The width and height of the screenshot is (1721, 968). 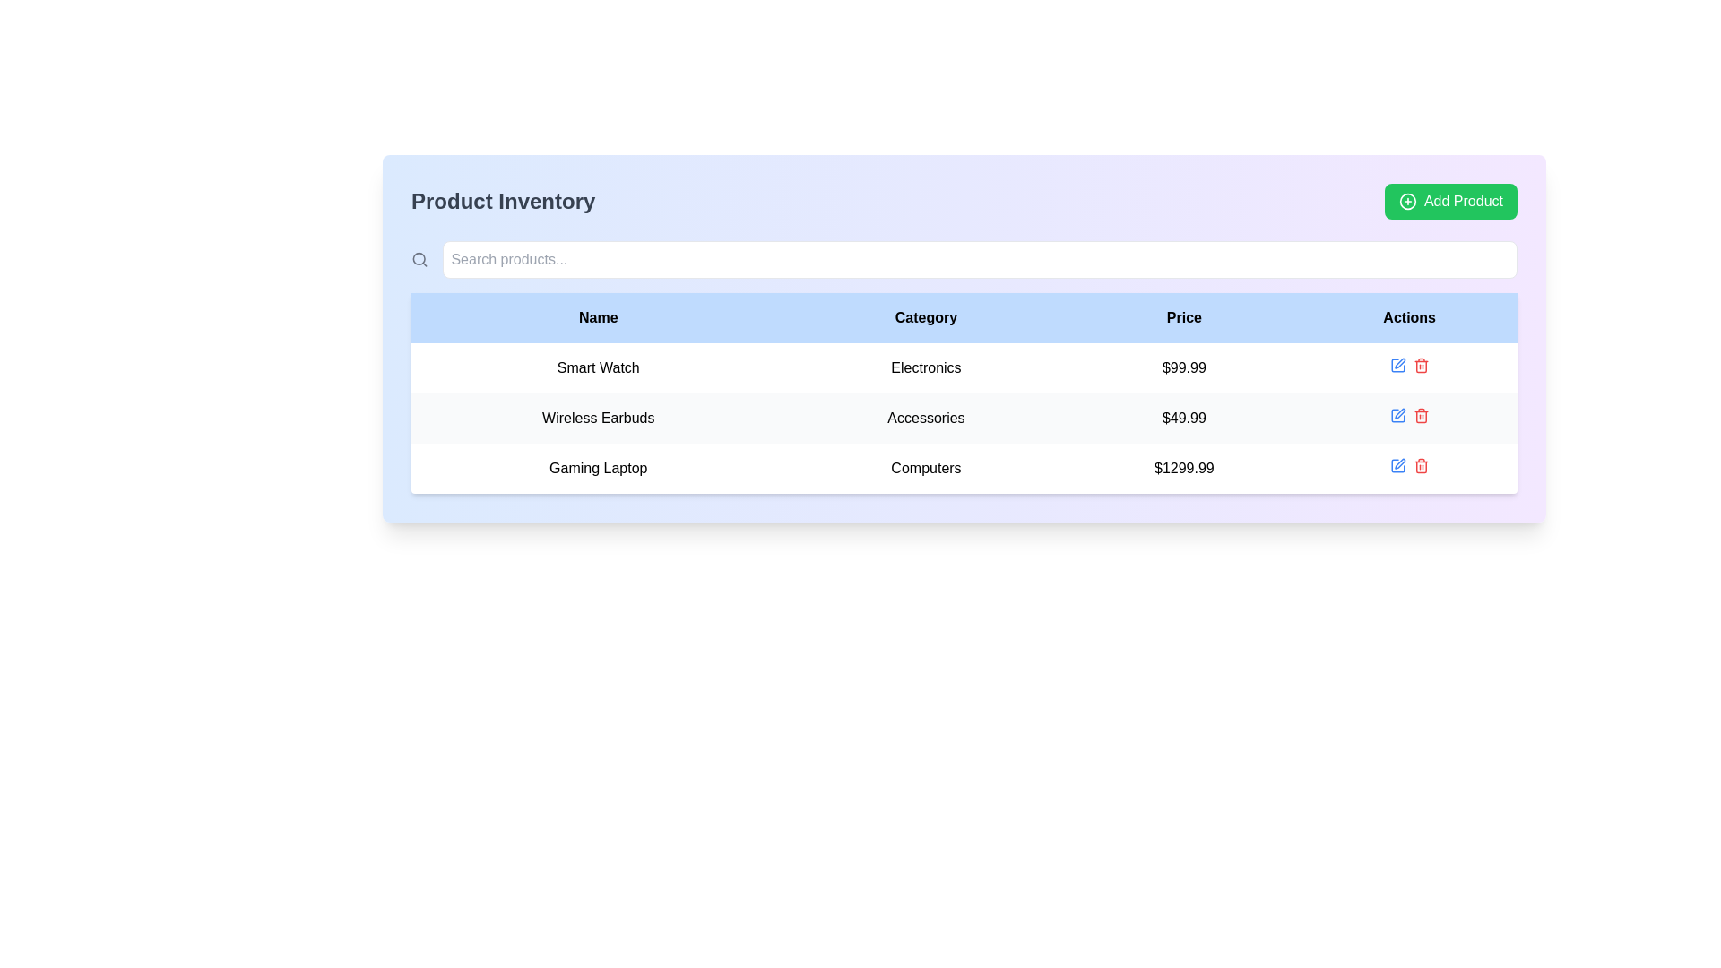 I want to click on the edit button located in the 'Actions' column of the second row of the table, next to a red trash icon, to change its color, so click(x=1397, y=415).